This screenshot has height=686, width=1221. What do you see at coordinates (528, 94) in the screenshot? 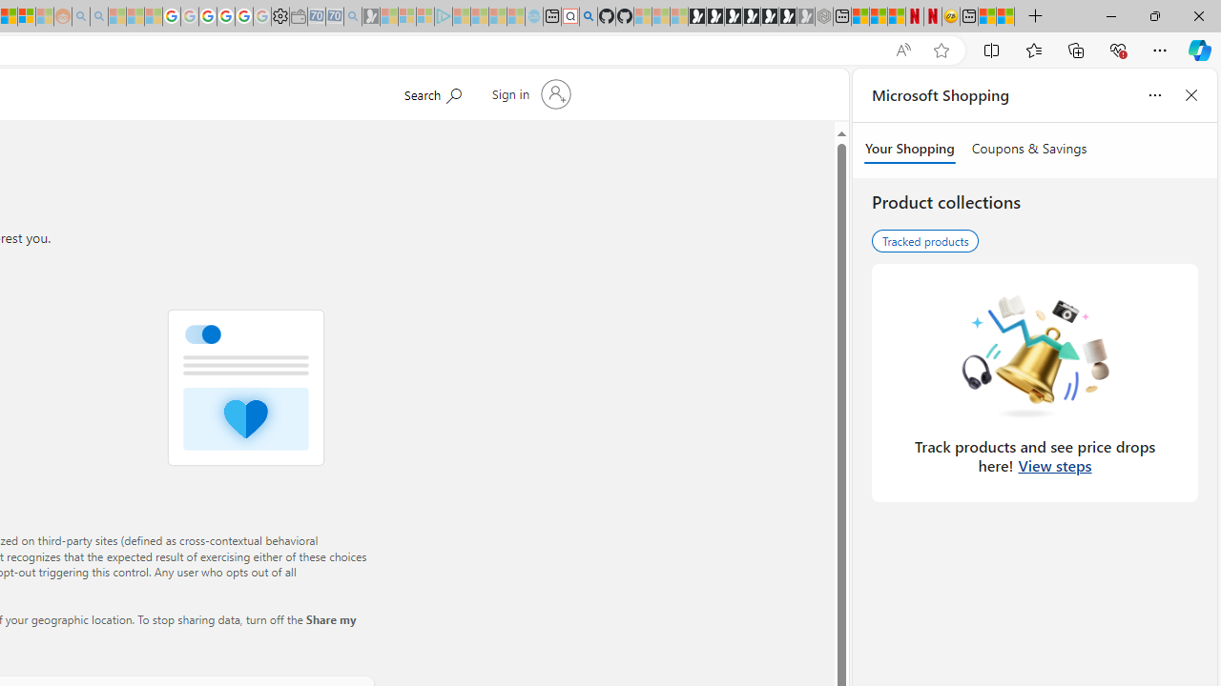
I see `'Sign in to your account'` at bounding box center [528, 94].